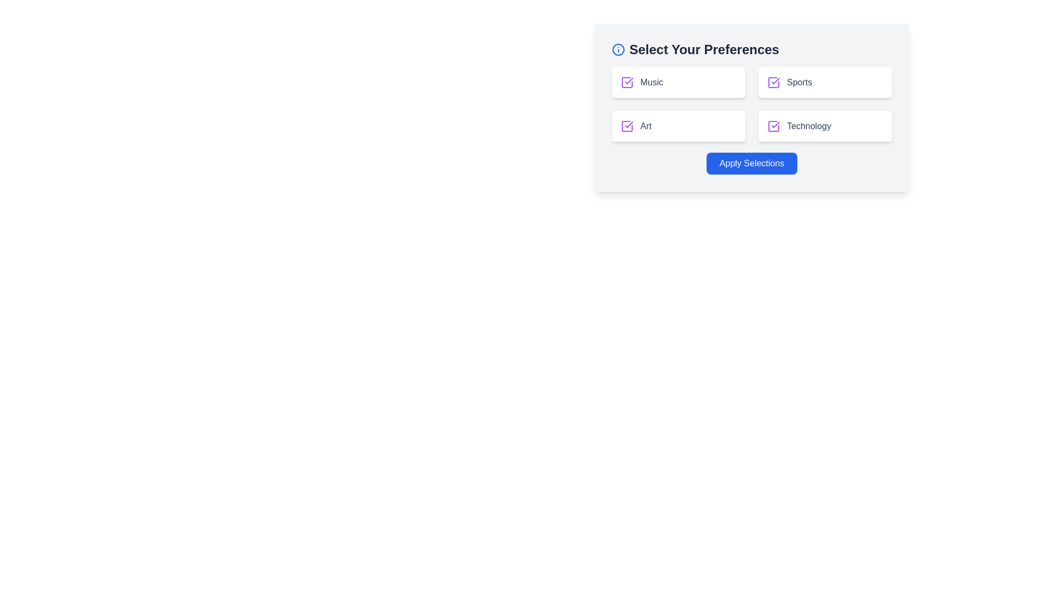 Image resolution: width=1050 pixels, height=591 pixels. I want to click on the selection feedback for the 'Technology' preference category icon located in the bottom-right cell of the preference selection grid, adjacent to the 'Technology' label, so click(773, 126).